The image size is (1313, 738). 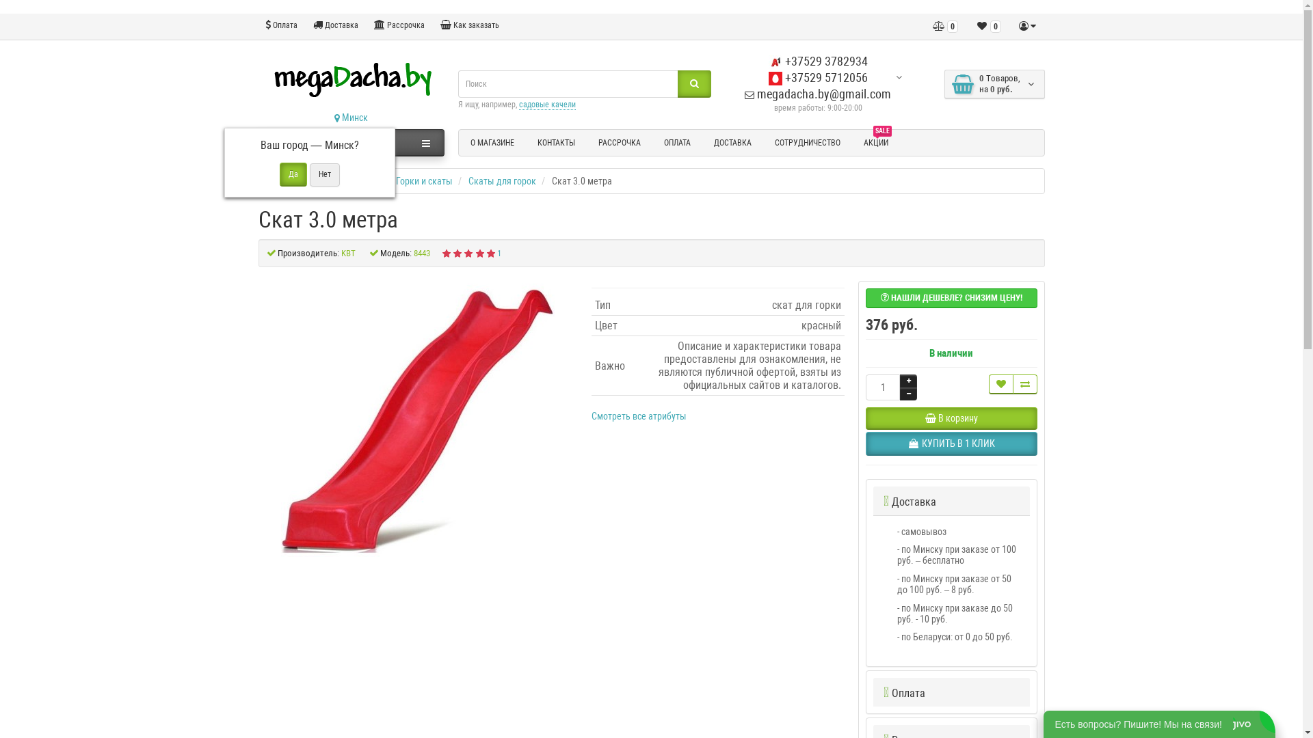 I want to click on '0', so click(x=988, y=26).